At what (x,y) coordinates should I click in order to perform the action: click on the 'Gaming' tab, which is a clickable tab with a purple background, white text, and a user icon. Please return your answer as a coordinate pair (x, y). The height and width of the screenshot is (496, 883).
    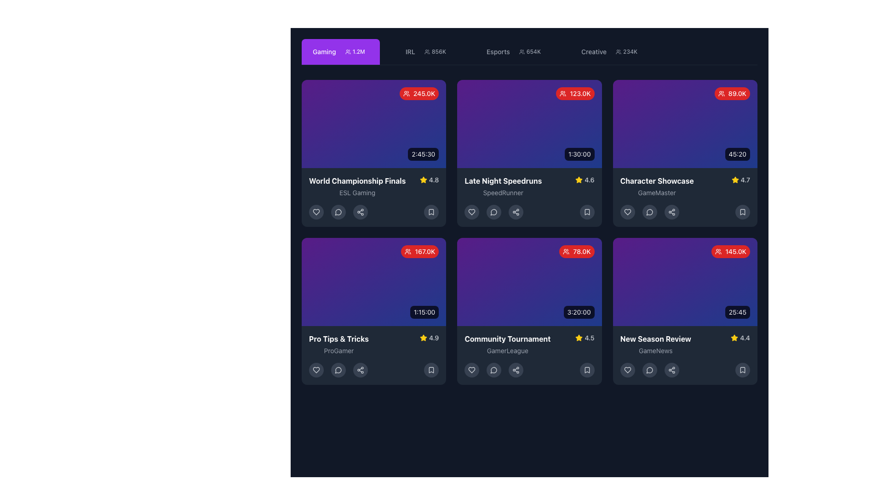
    Looking at the image, I should click on (340, 51).